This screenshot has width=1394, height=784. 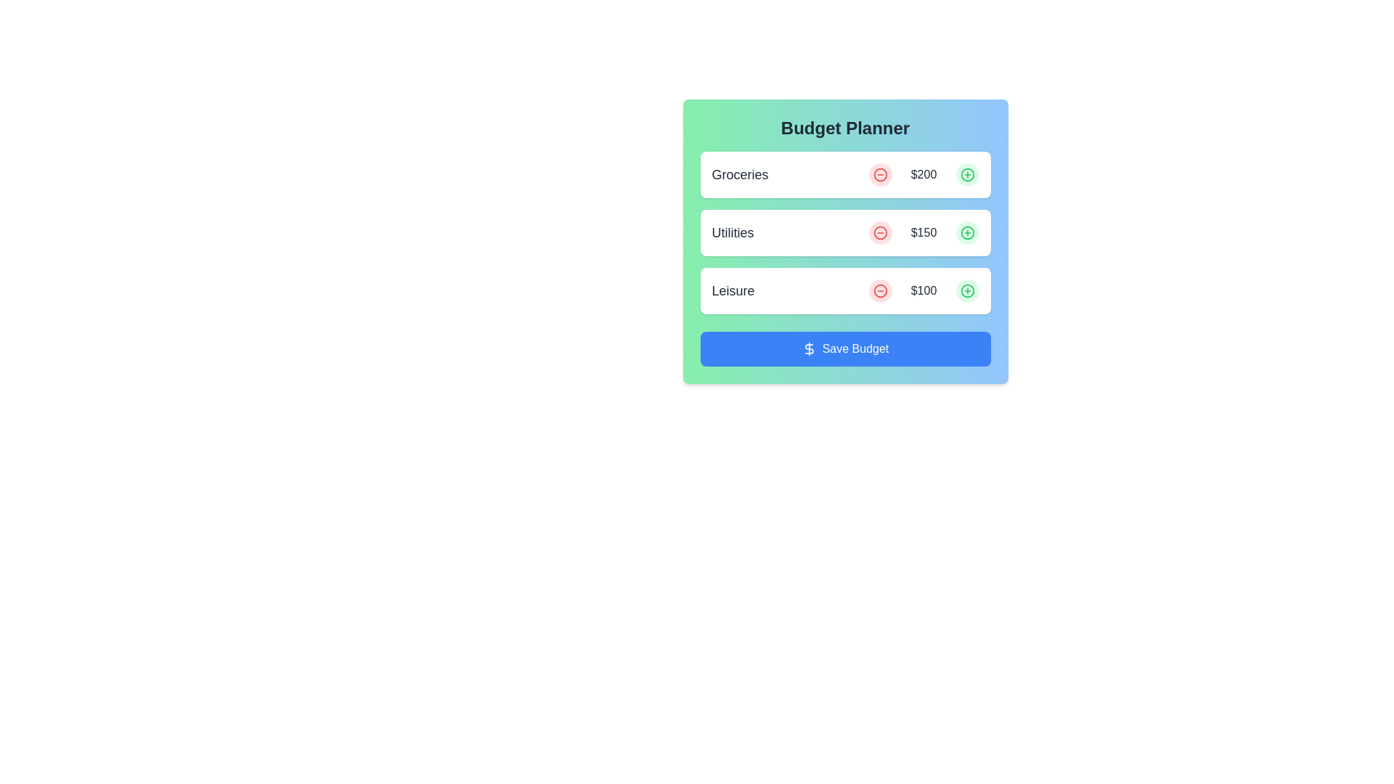 What do you see at coordinates (967, 173) in the screenshot?
I see `the circular button with a green border and green plus symbol inside, located in the topmost row labeled 'Groceries'` at bounding box center [967, 173].